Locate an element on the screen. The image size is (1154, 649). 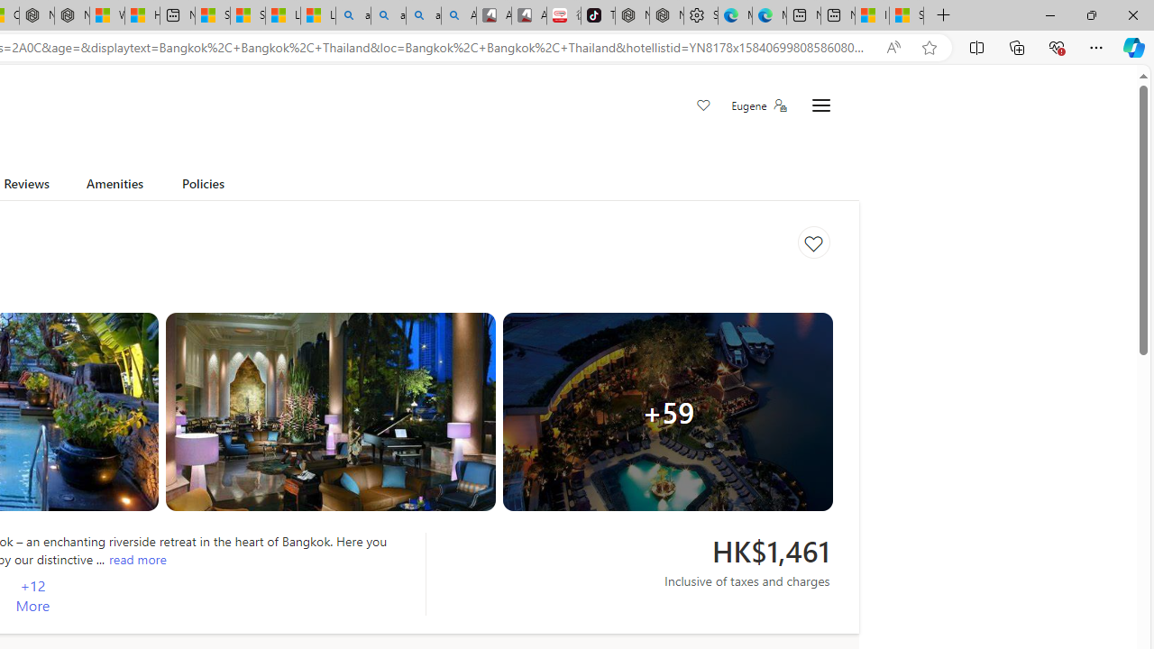
'Eugene' is located at coordinates (758, 105).